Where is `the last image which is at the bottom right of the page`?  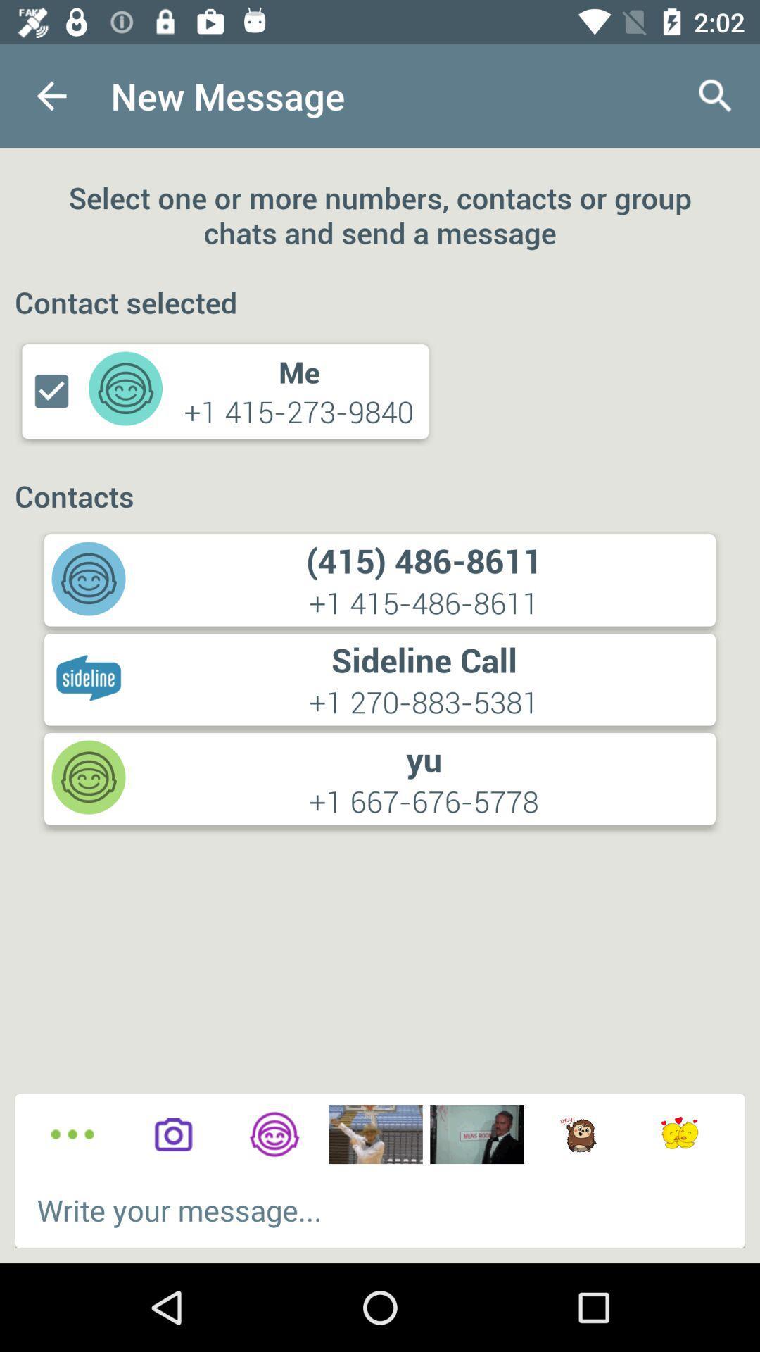
the last image which is at the bottom right of the page is located at coordinates (678, 1134).